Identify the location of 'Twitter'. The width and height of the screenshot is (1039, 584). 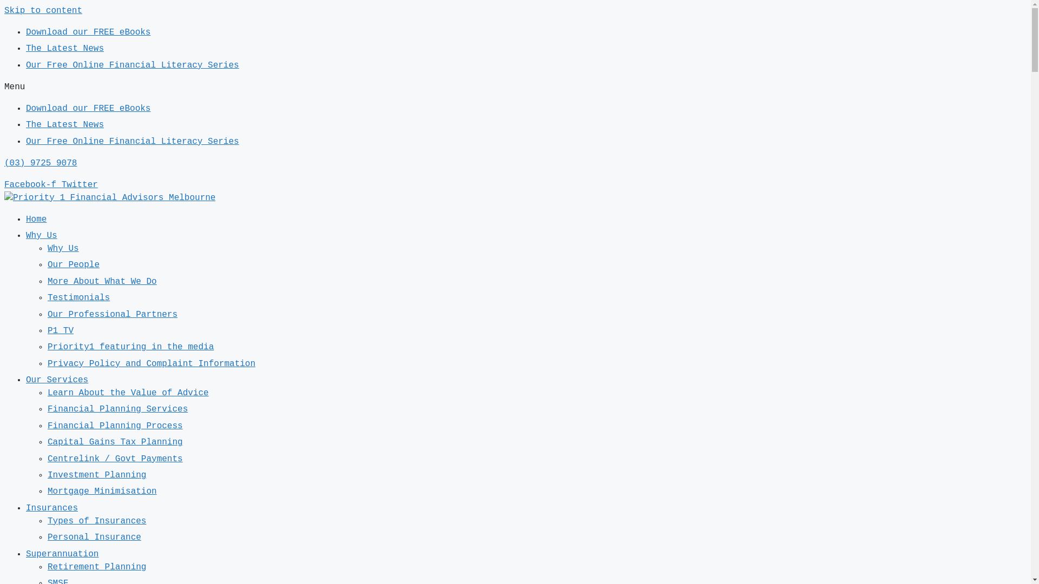
(79, 184).